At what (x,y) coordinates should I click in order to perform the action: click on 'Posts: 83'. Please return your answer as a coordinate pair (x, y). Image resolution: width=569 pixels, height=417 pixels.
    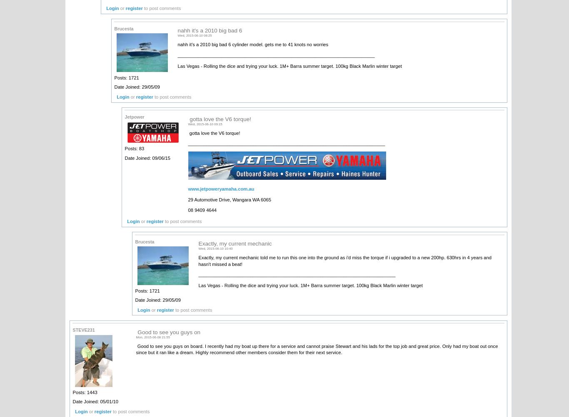
    Looking at the image, I should click on (134, 149).